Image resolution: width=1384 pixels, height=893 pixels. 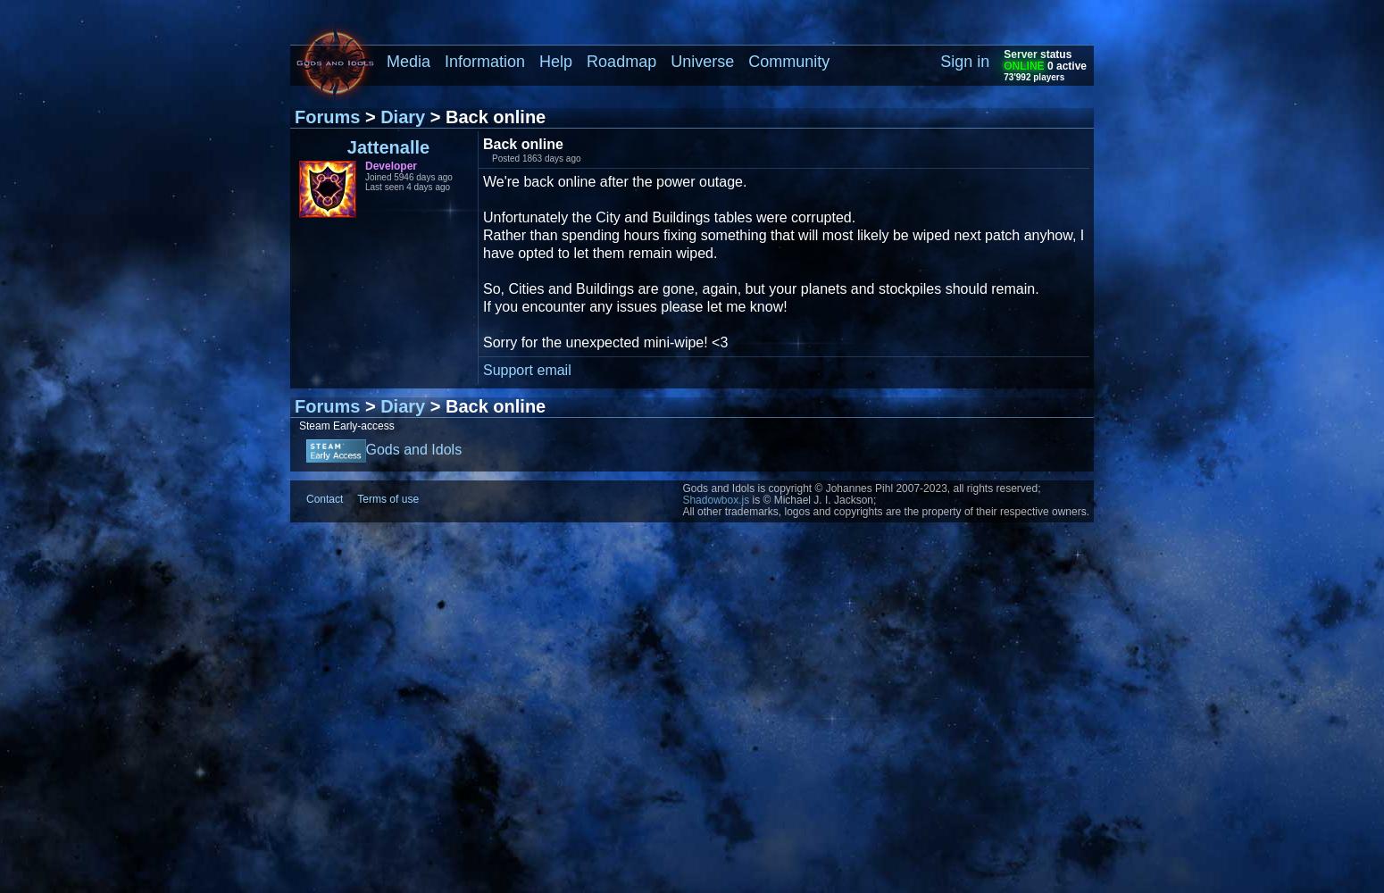 I want to click on 'Unfortunately the City and Buildings tables were corrupted.', so click(x=669, y=216).